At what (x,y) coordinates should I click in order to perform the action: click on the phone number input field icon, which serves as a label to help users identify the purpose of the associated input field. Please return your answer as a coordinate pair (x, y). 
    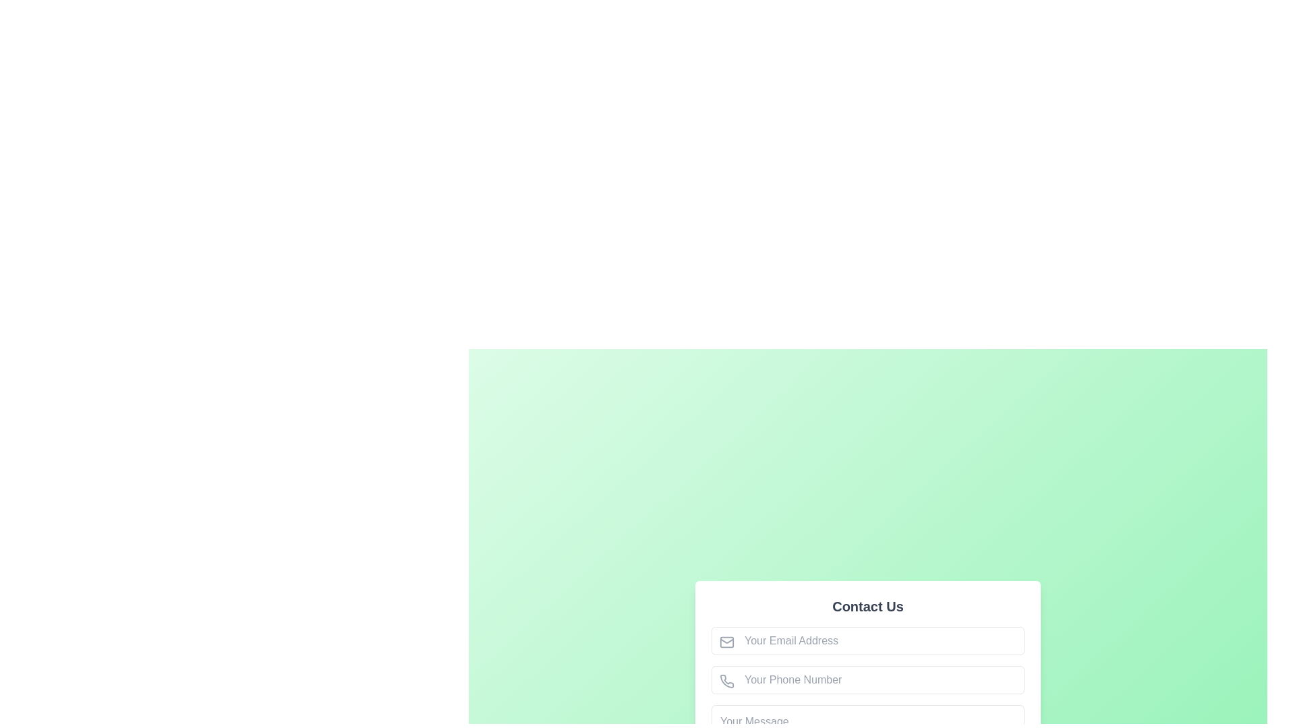
    Looking at the image, I should click on (726, 681).